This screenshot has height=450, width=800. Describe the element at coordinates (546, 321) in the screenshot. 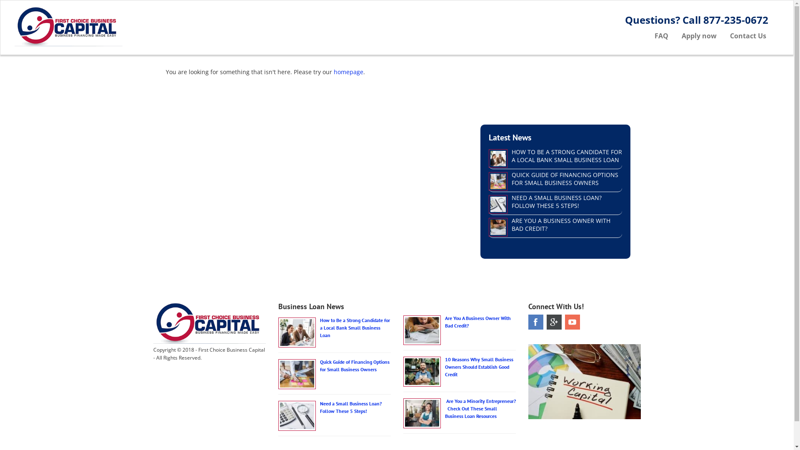

I see `'Google Plus'` at that location.